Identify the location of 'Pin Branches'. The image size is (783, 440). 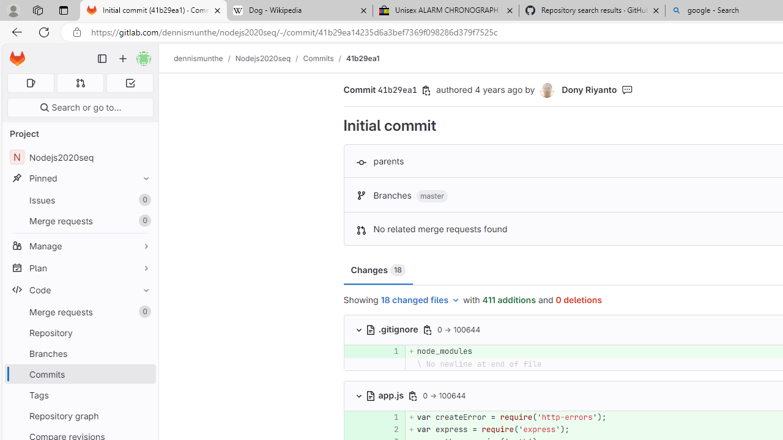
(143, 353).